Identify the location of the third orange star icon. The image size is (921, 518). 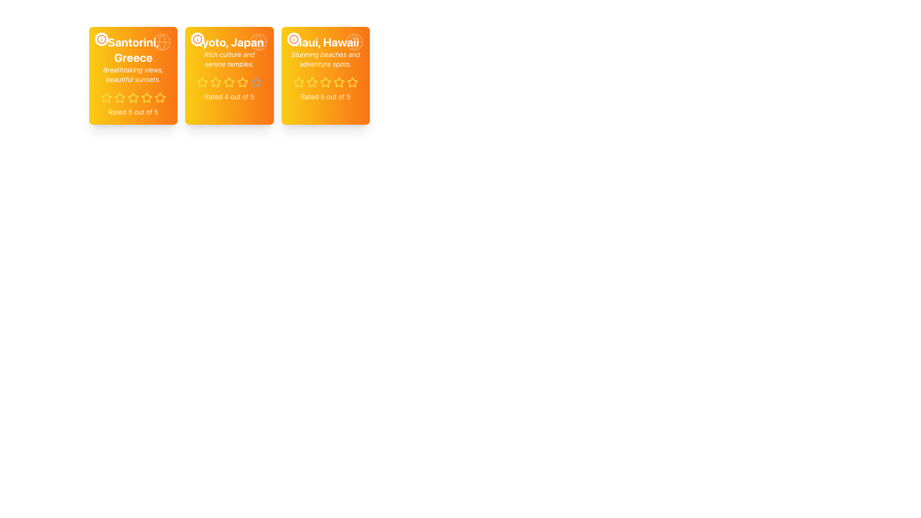
(339, 82).